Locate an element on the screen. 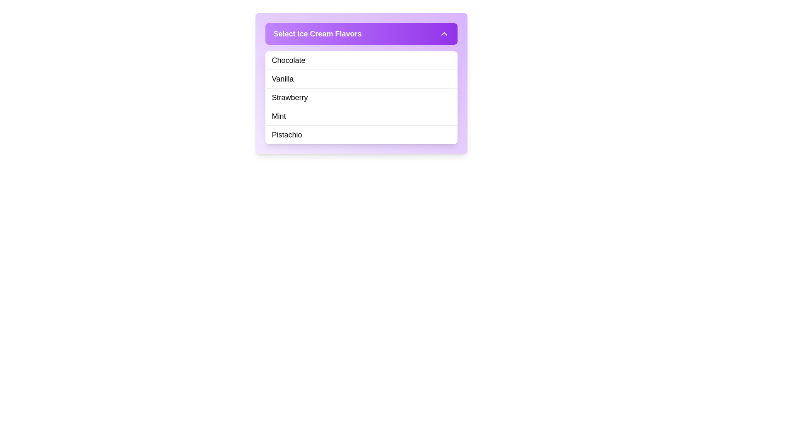 This screenshot has width=795, height=447. keyboard navigation is located at coordinates (282, 79).